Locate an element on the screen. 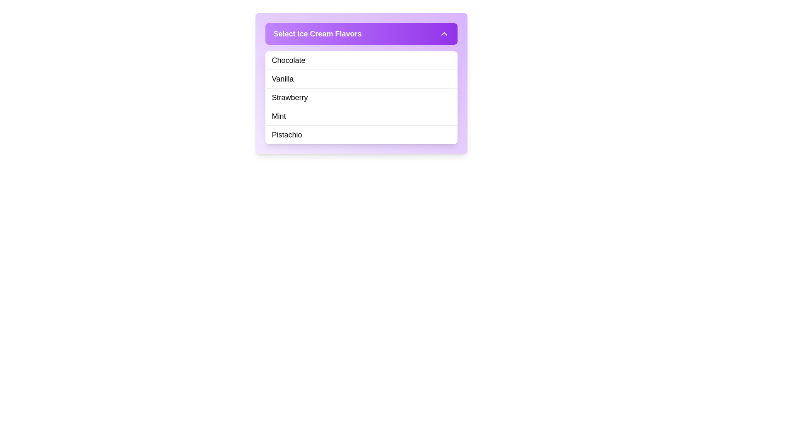 This screenshot has width=795, height=447. keyboard navigation is located at coordinates (282, 79).